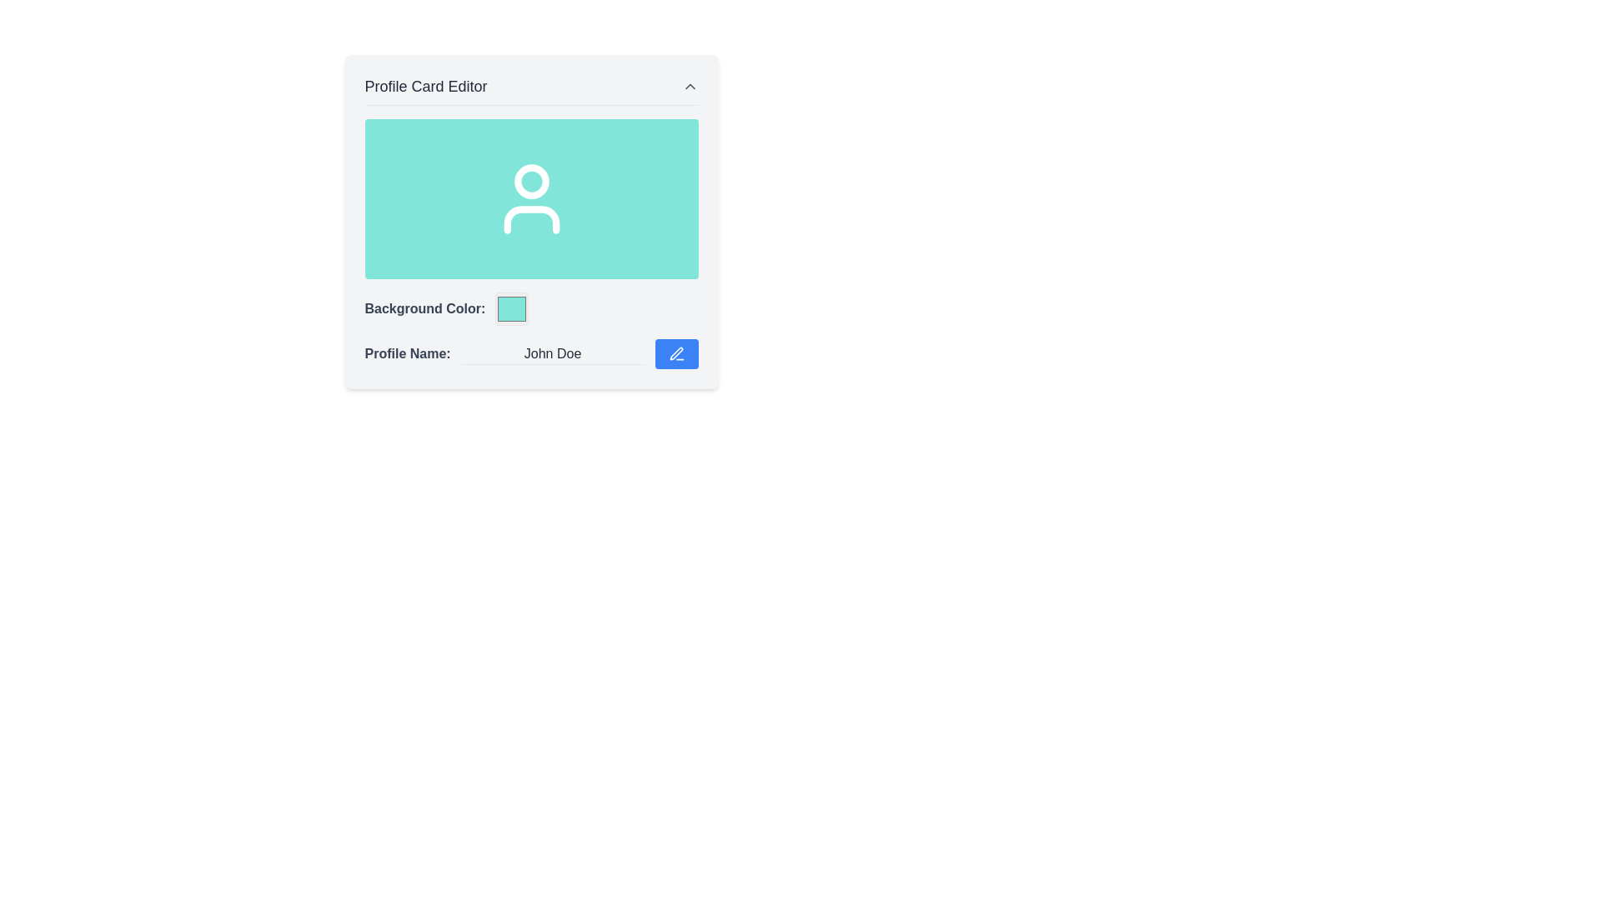 This screenshot has width=1601, height=900. What do you see at coordinates (511, 308) in the screenshot?
I see `the color picker with a teal background located next` at bounding box center [511, 308].